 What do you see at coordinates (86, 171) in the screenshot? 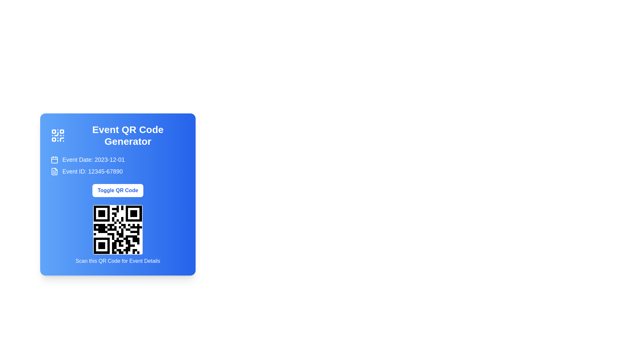
I see `the Label displaying 'Event ID: 12345-67890' which is positioned below the 'Event Date' row and centrally aligned in the card` at bounding box center [86, 171].